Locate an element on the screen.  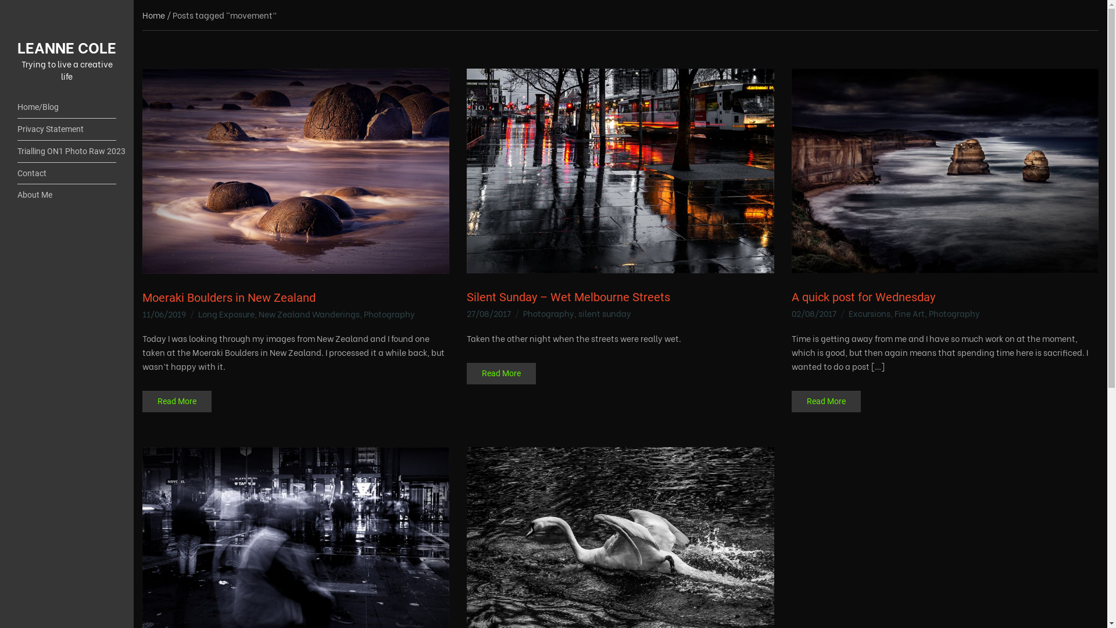
'silent sunday' is located at coordinates (604, 312).